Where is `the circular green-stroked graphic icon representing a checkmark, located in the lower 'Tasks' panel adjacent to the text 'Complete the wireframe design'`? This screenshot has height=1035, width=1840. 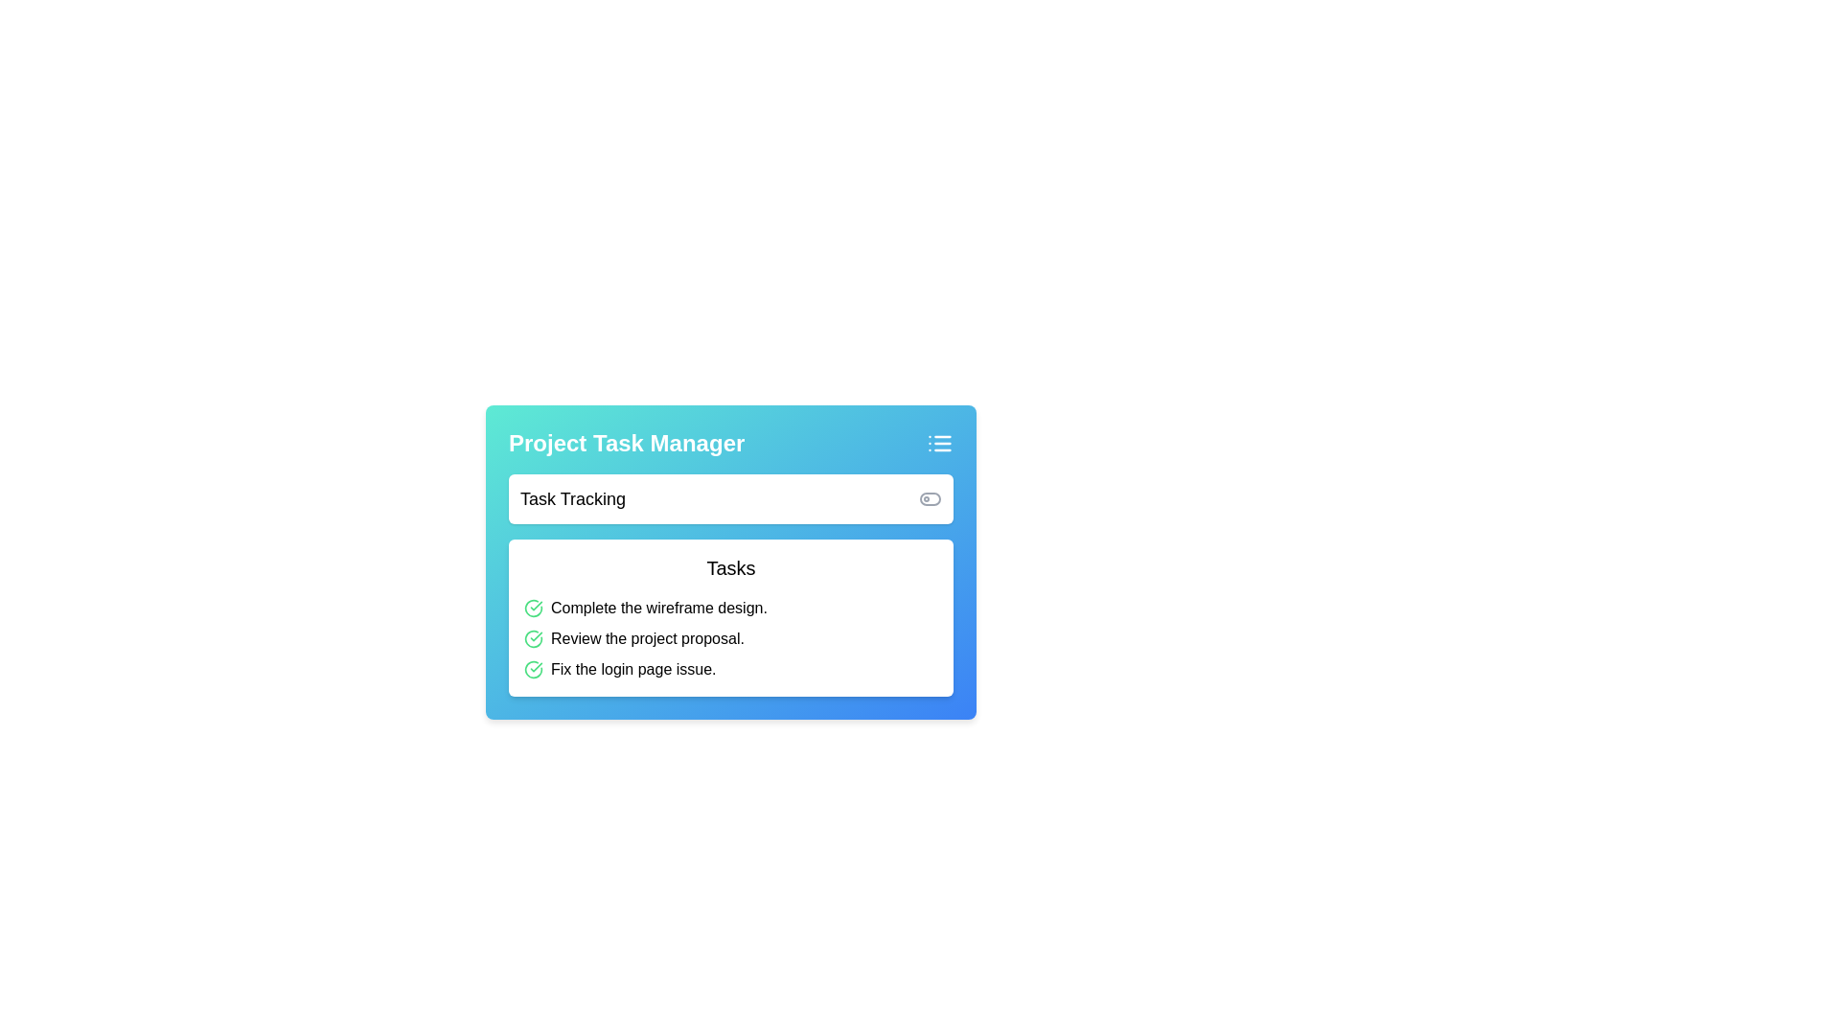
the circular green-stroked graphic icon representing a checkmark, located in the lower 'Tasks' panel adjacent to the text 'Complete the wireframe design' is located at coordinates (533, 668).